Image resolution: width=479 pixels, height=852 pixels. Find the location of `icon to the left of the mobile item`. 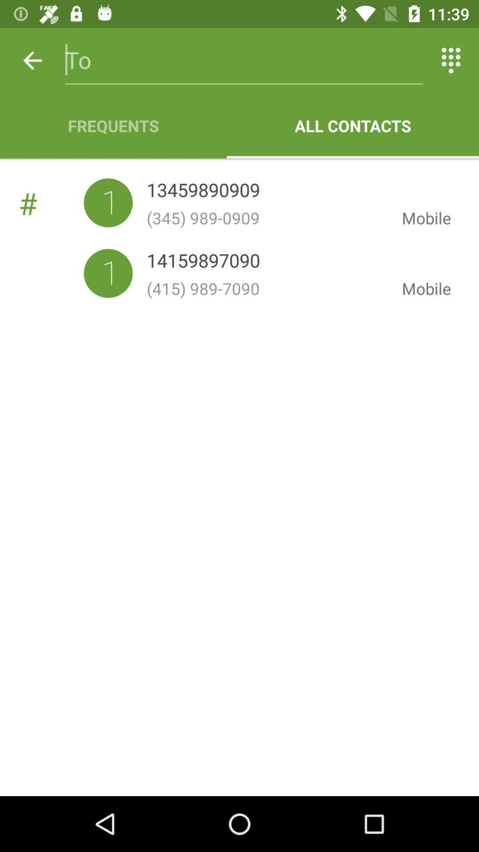

icon to the left of the mobile item is located at coordinates (267, 218).